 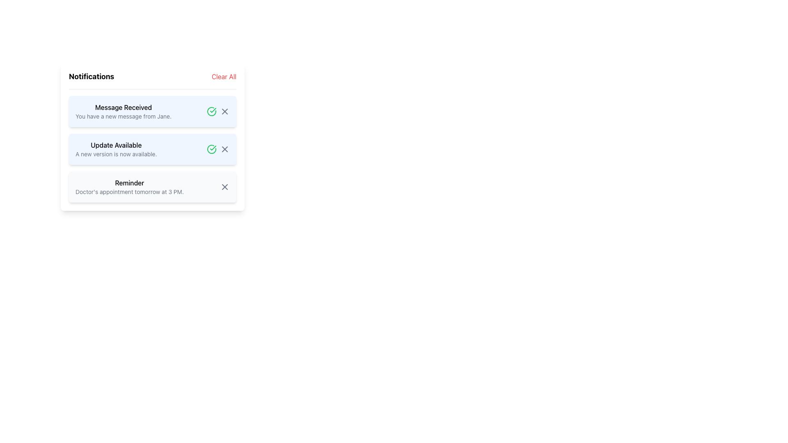 I want to click on the 'X' shaped delete button located on the right side of the last notification for 'Reminder: Doctor's appointment tomorrow at 3 PM.', so click(x=224, y=187).